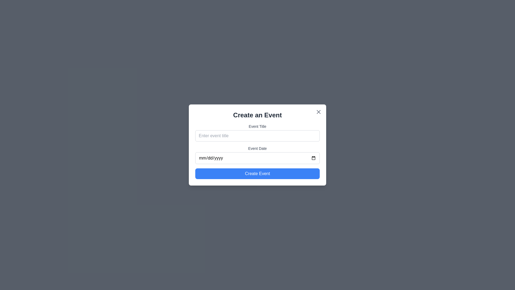 The image size is (515, 290). I want to click on the close icon located at the top-right corner of the 'Create an Event' modal to potentially reveal a tooltip, so click(319, 111).